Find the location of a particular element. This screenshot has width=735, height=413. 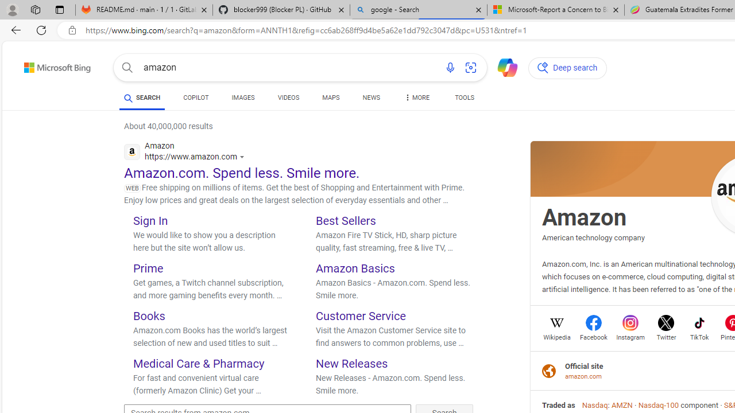

'Traded as' is located at coordinates (559, 404).